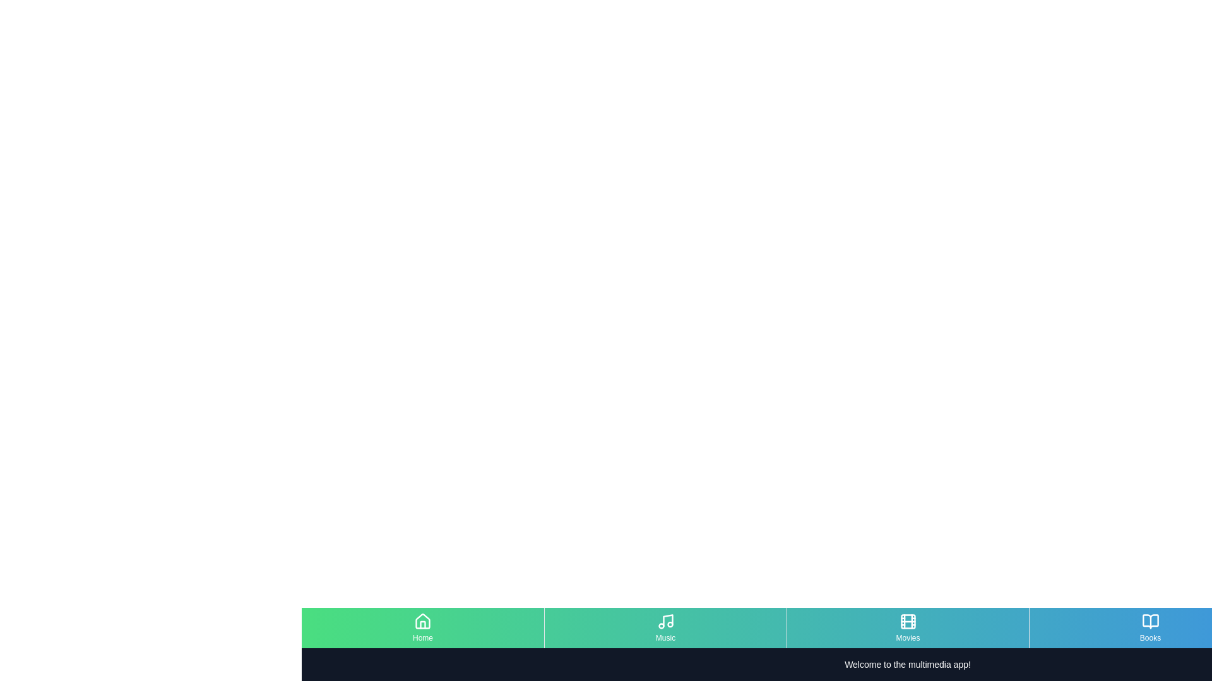 The height and width of the screenshot is (681, 1212). What do you see at coordinates (1150, 627) in the screenshot?
I see `the menu item Books to observe visual changes` at bounding box center [1150, 627].